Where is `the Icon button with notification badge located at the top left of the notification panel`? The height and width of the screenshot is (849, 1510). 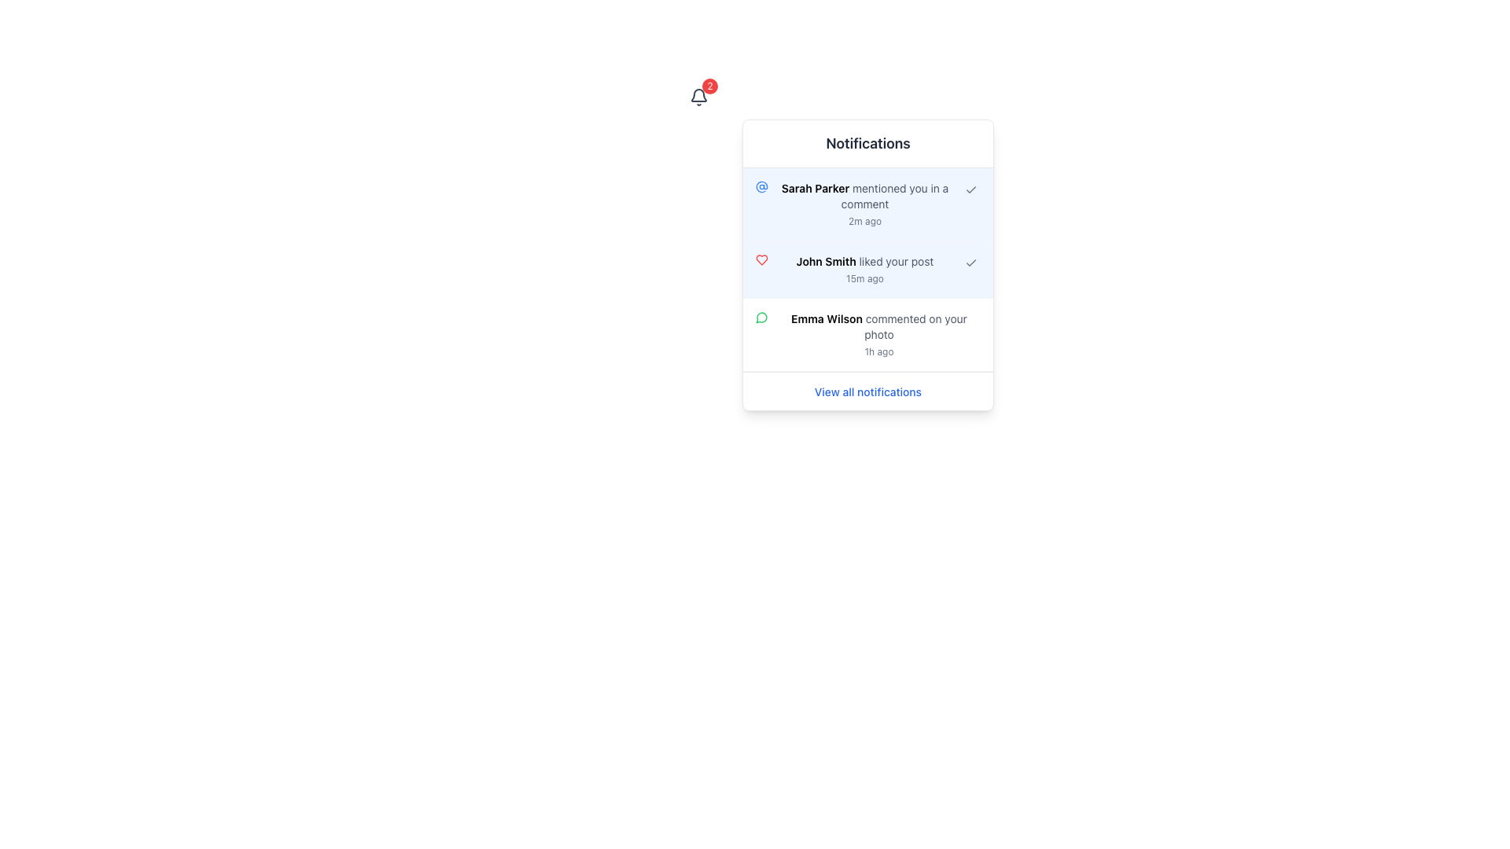 the Icon button with notification badge located at the top left of the notification panel is located at coordinates (698, 97).